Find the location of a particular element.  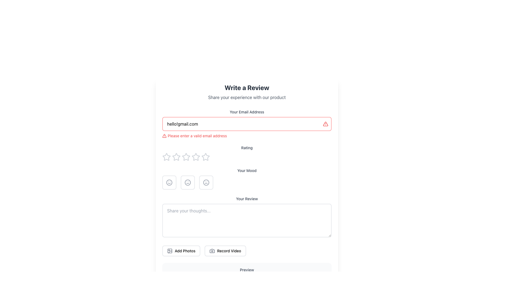

the static text label that describes the rating interface, positioned above the row of star icons is located at coordinates (247, 148).